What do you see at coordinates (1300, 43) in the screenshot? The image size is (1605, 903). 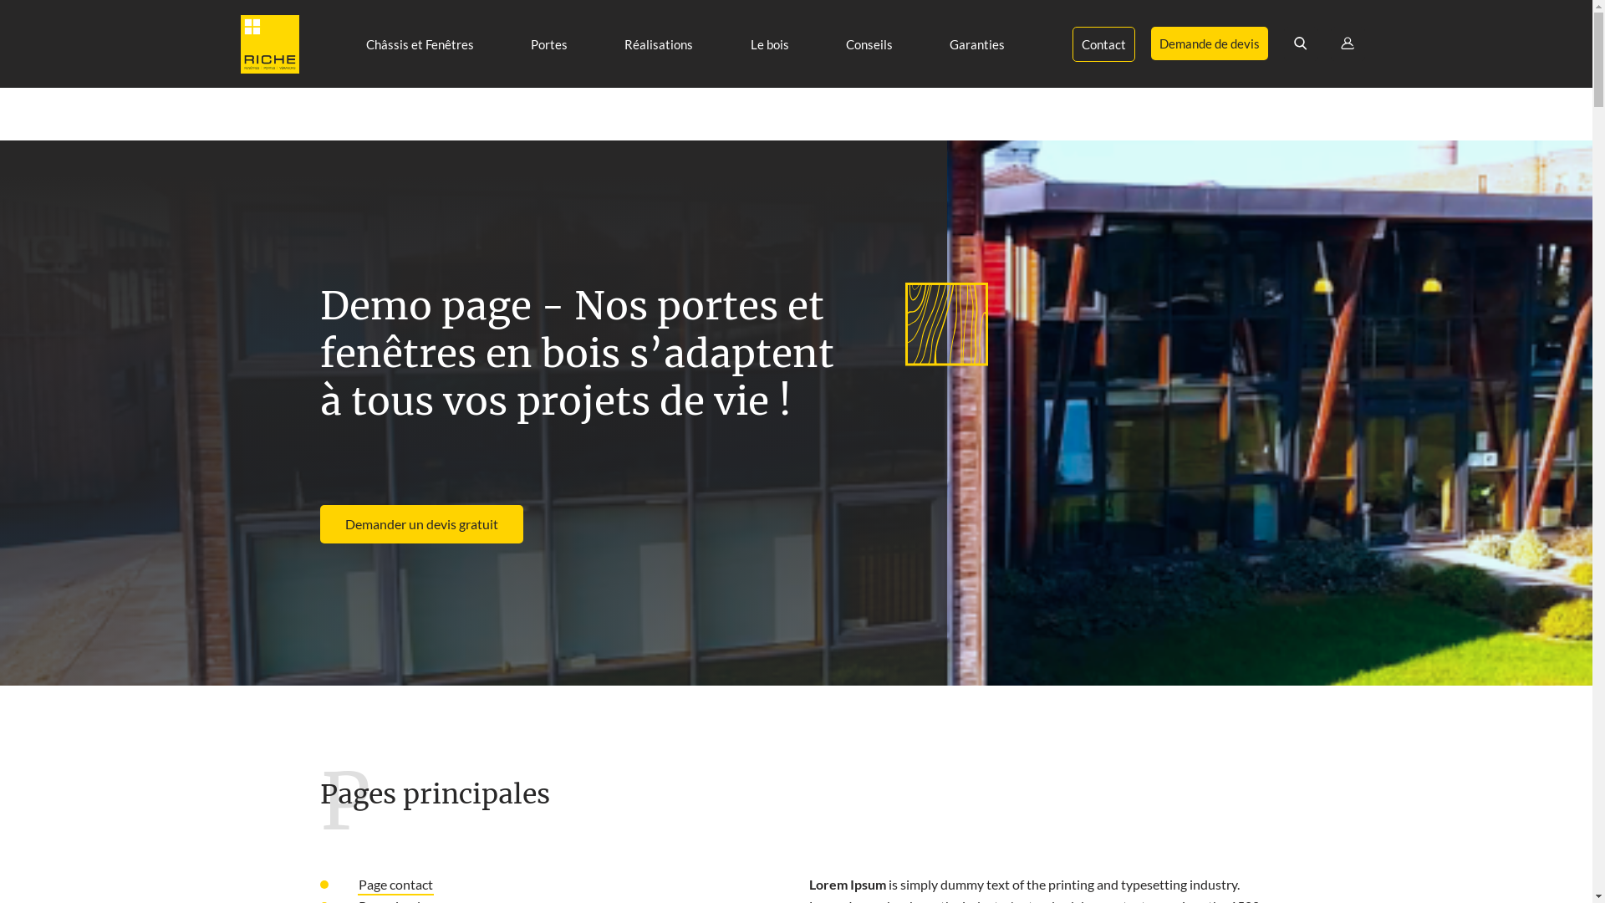 I see `'Rechercher'` at bounding box center [1300, 43].